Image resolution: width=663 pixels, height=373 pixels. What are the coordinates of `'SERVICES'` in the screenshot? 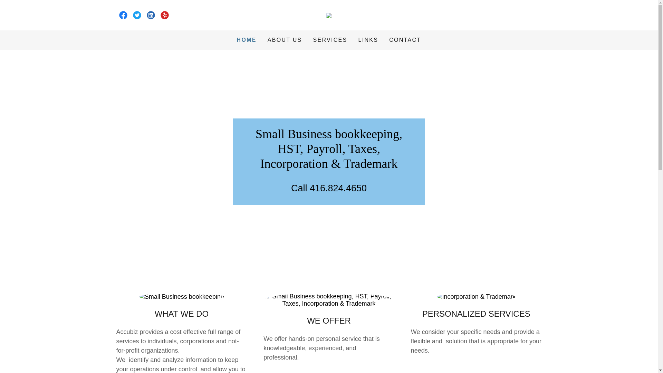 It's located at (330, 40).